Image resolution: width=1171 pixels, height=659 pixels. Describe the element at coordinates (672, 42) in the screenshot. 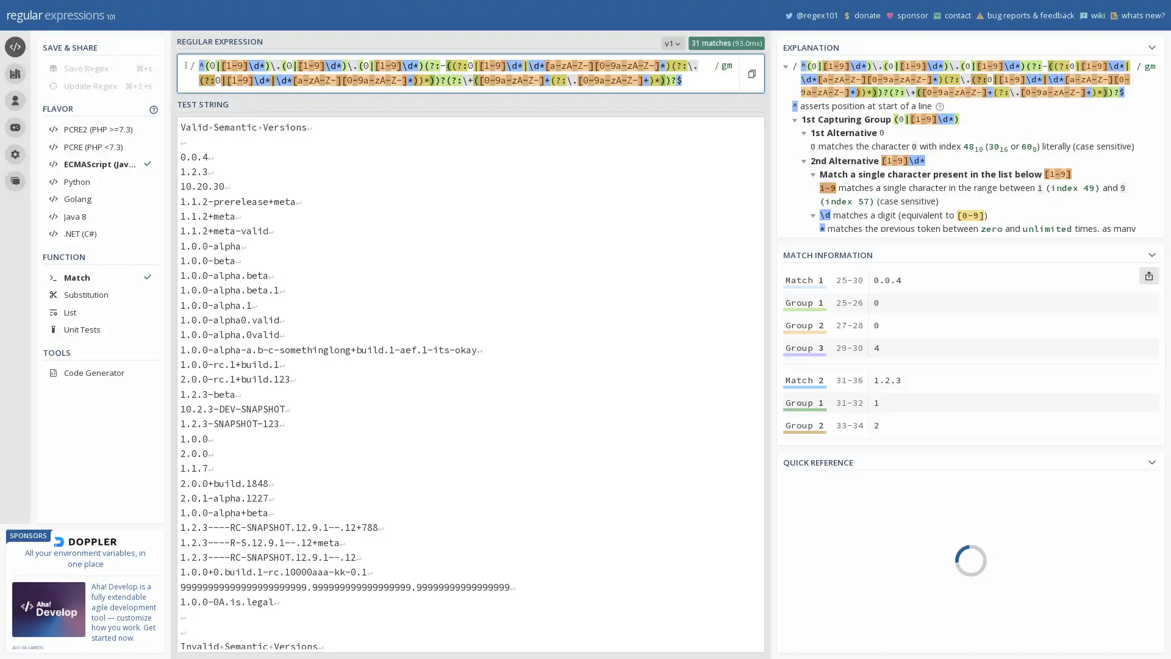

I see `Select Regex Version` at that location.